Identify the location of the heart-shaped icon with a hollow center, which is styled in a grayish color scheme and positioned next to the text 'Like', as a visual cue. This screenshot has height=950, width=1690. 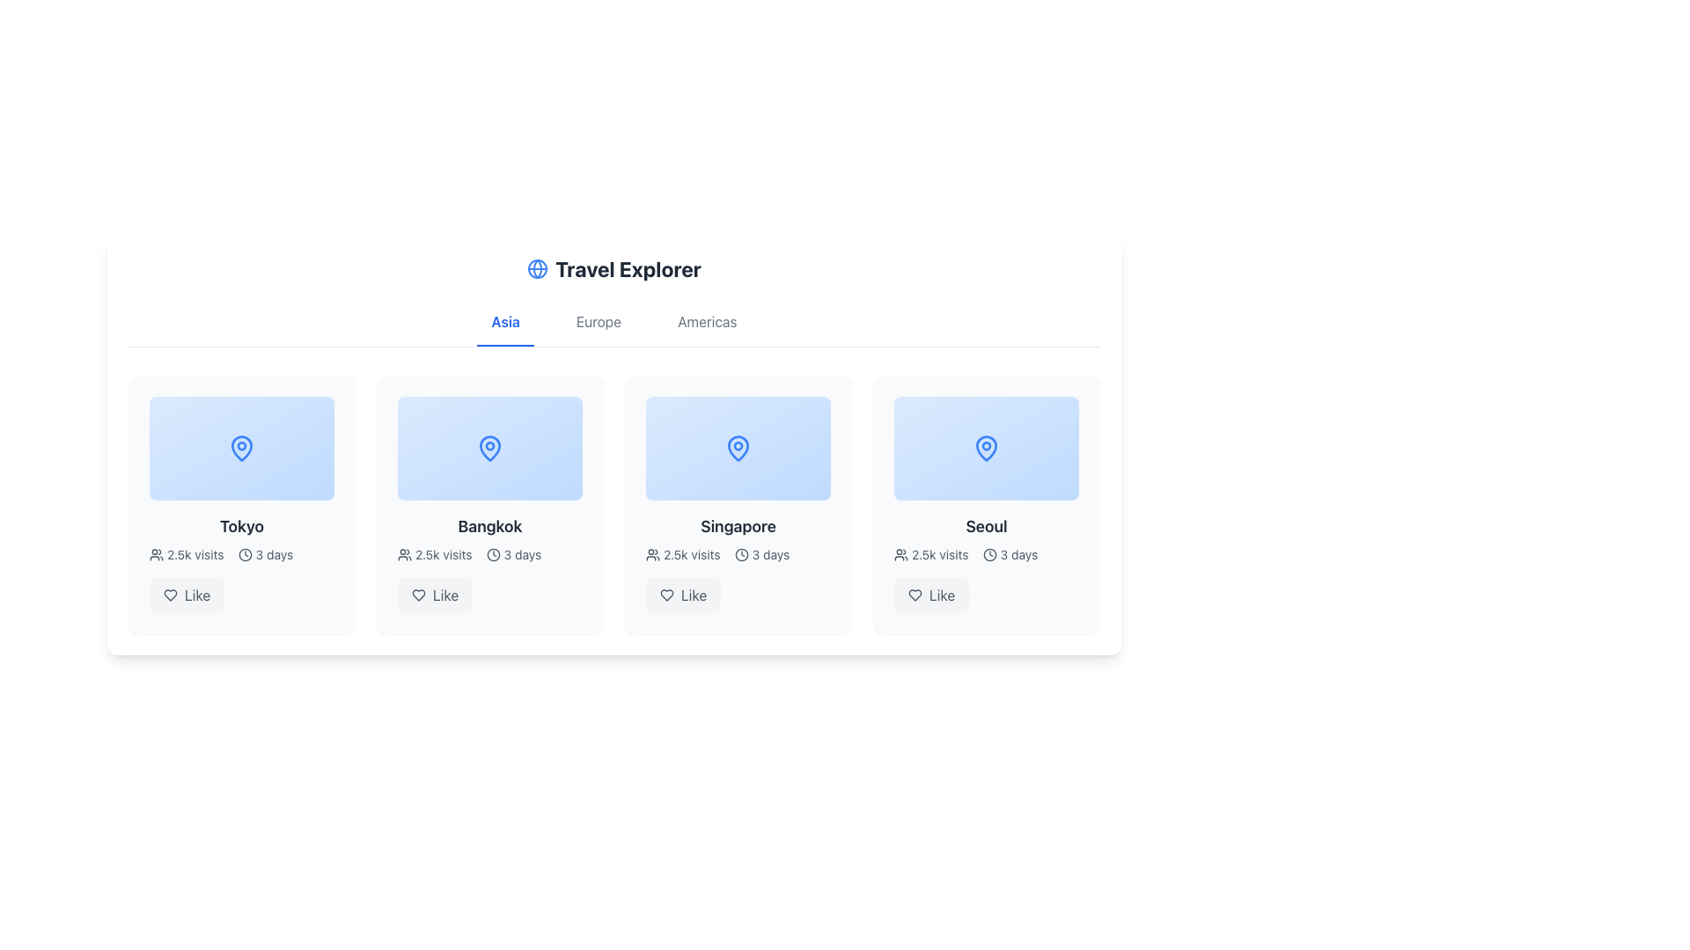
(666, 595).